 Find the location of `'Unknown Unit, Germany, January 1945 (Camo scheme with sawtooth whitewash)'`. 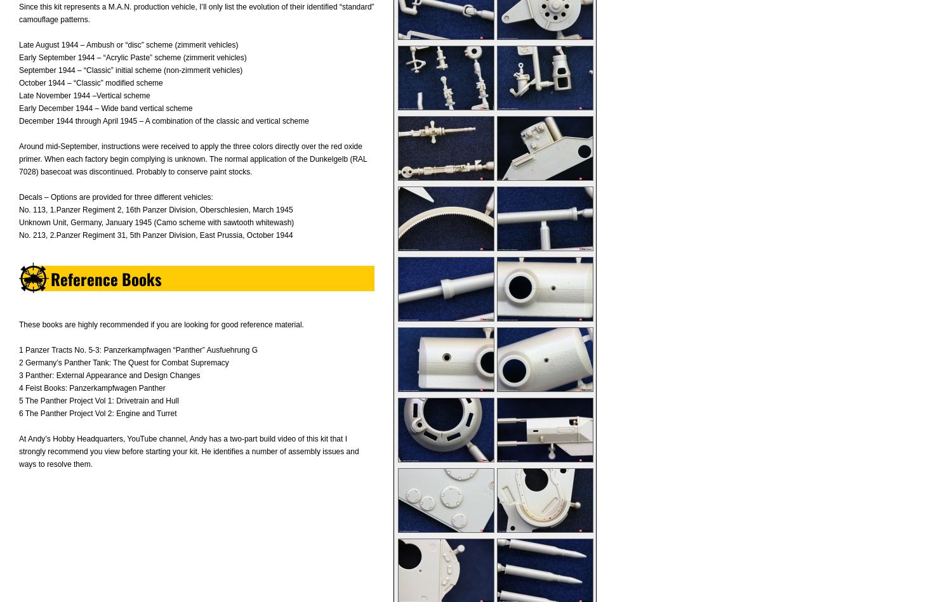

'Unknown Unit, Germany, January 1945 (Camo scheme with sawtooth whitewash)' is located at coordinates (19, 223).